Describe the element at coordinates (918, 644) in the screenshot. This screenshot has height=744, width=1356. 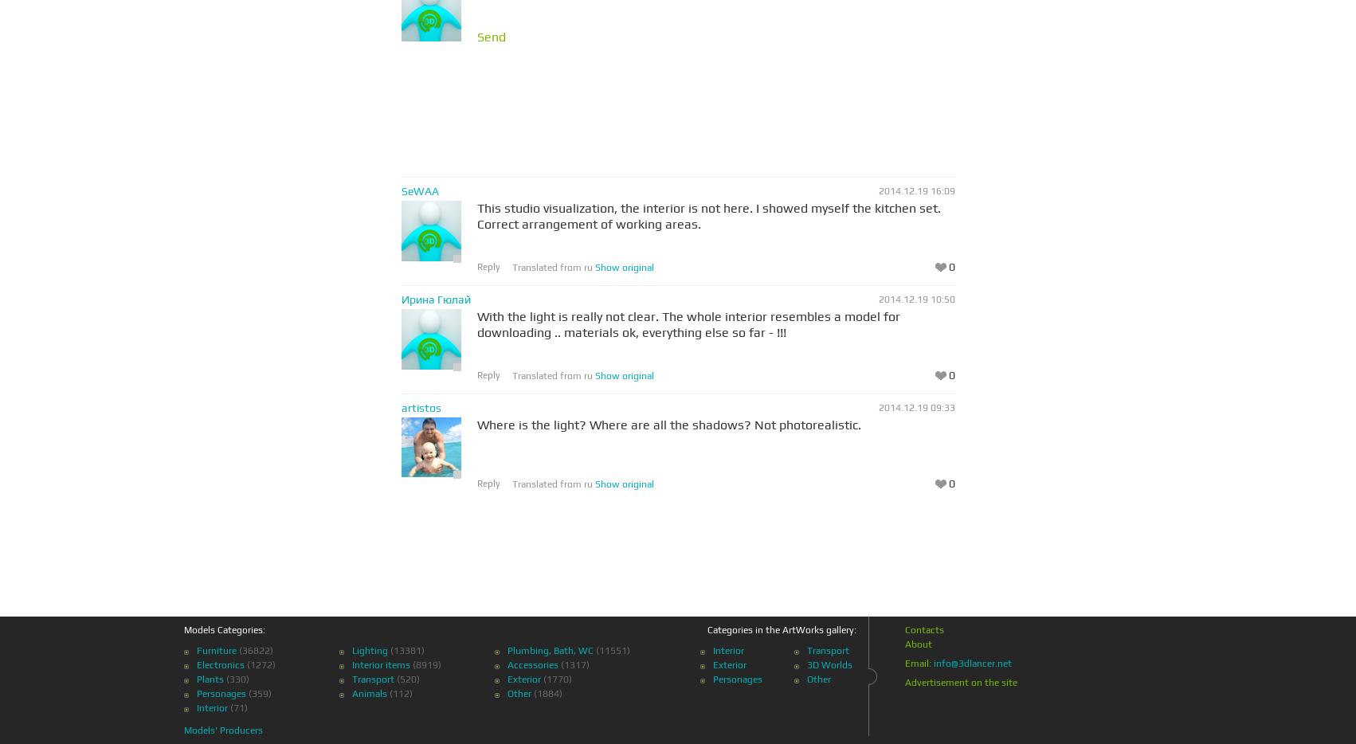
I see `'About'` at that location.